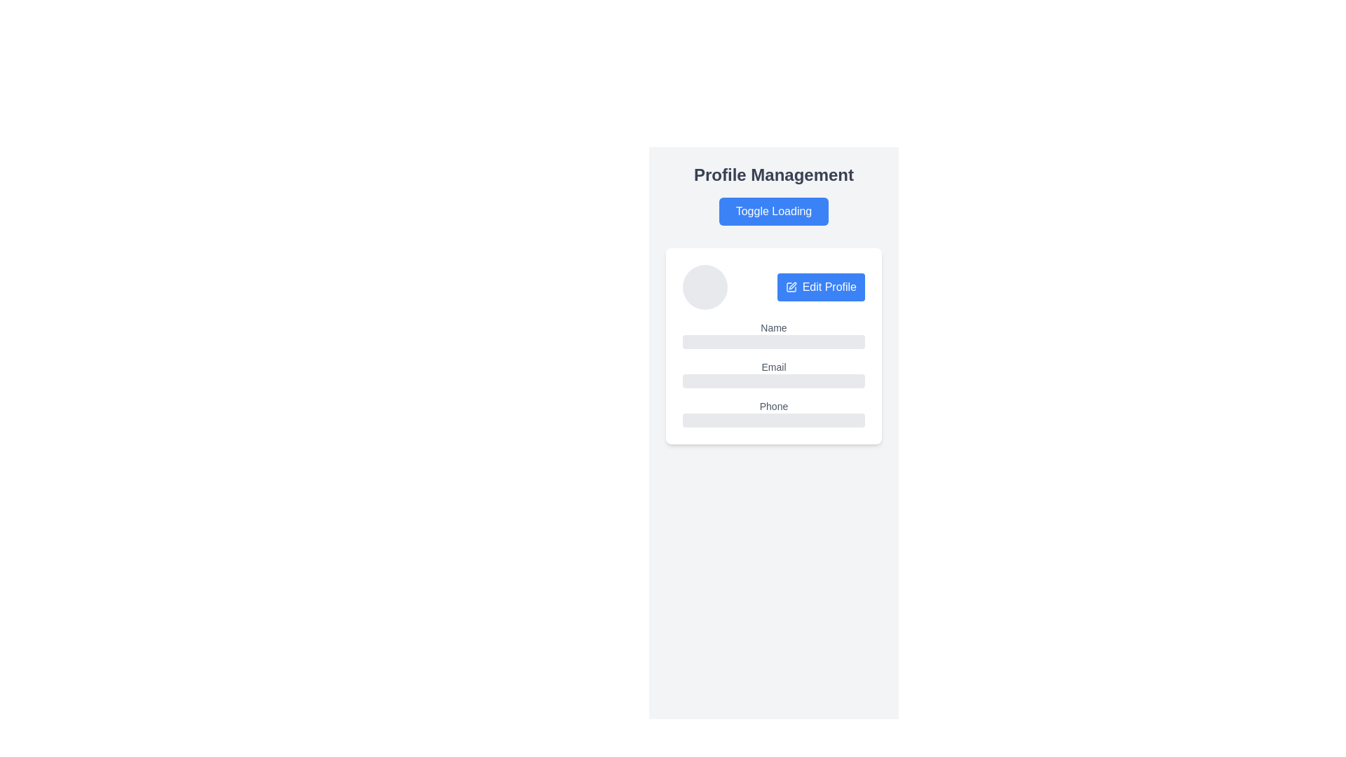  What do you see at coordinates (773, 413) in the screenshot?
I see `the placeholder for the phone number field located below the 'Email' section in the vertically stacked group of elements` at bounding box center [773, 413].